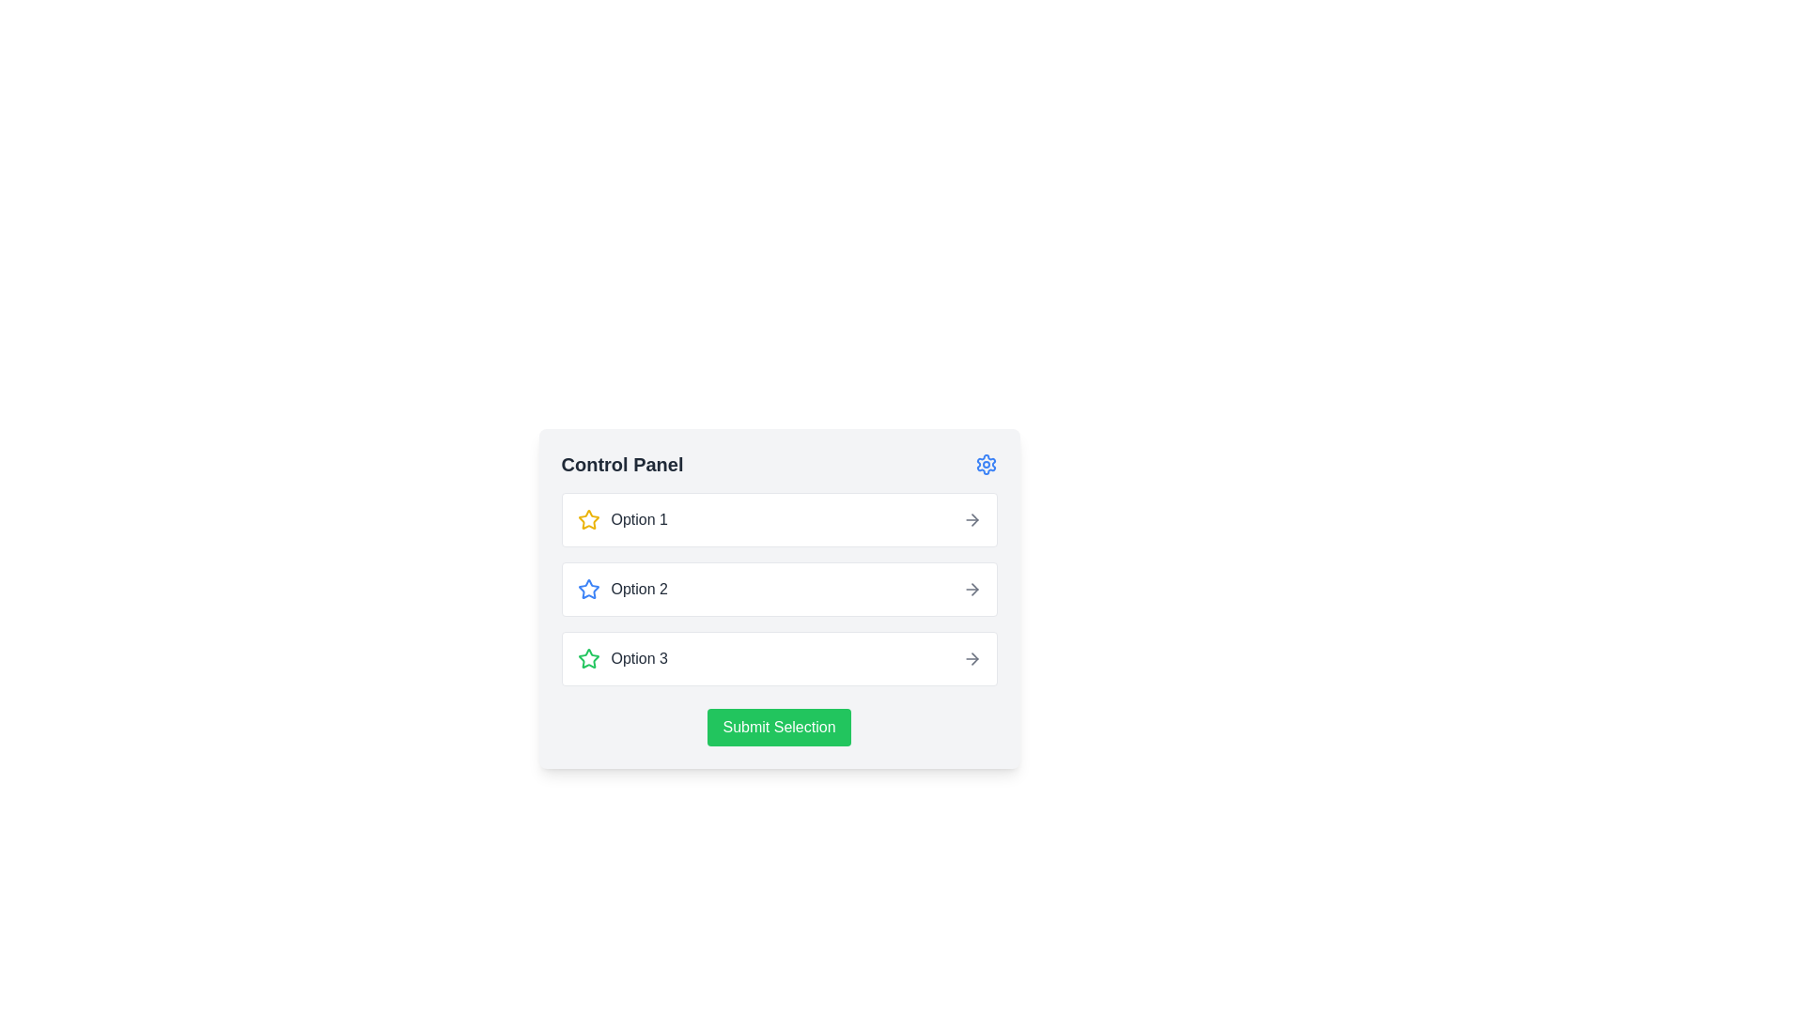 Image resolution: width=1804 pixels, height=1014 pixels. What do you see at coordinates (622, 589) in the screenshot?
I see `the text 'Option 2' in the list item with a blue star icon` at bounding box center [622, 589].